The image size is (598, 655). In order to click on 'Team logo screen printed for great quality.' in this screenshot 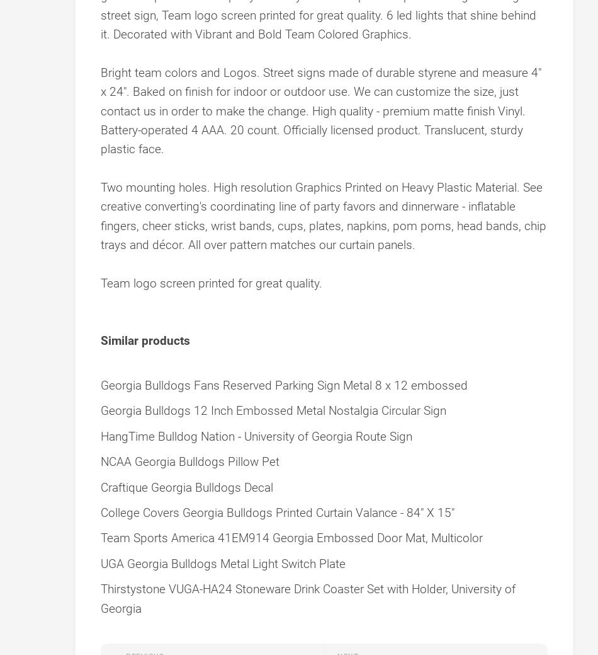, I will do `click(211, 282)`.